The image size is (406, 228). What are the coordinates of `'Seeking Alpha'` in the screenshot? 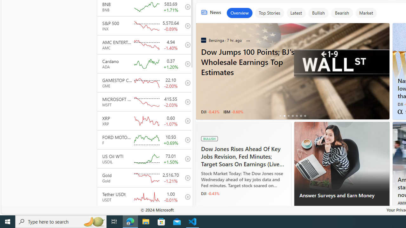 It's located at (400, 111).